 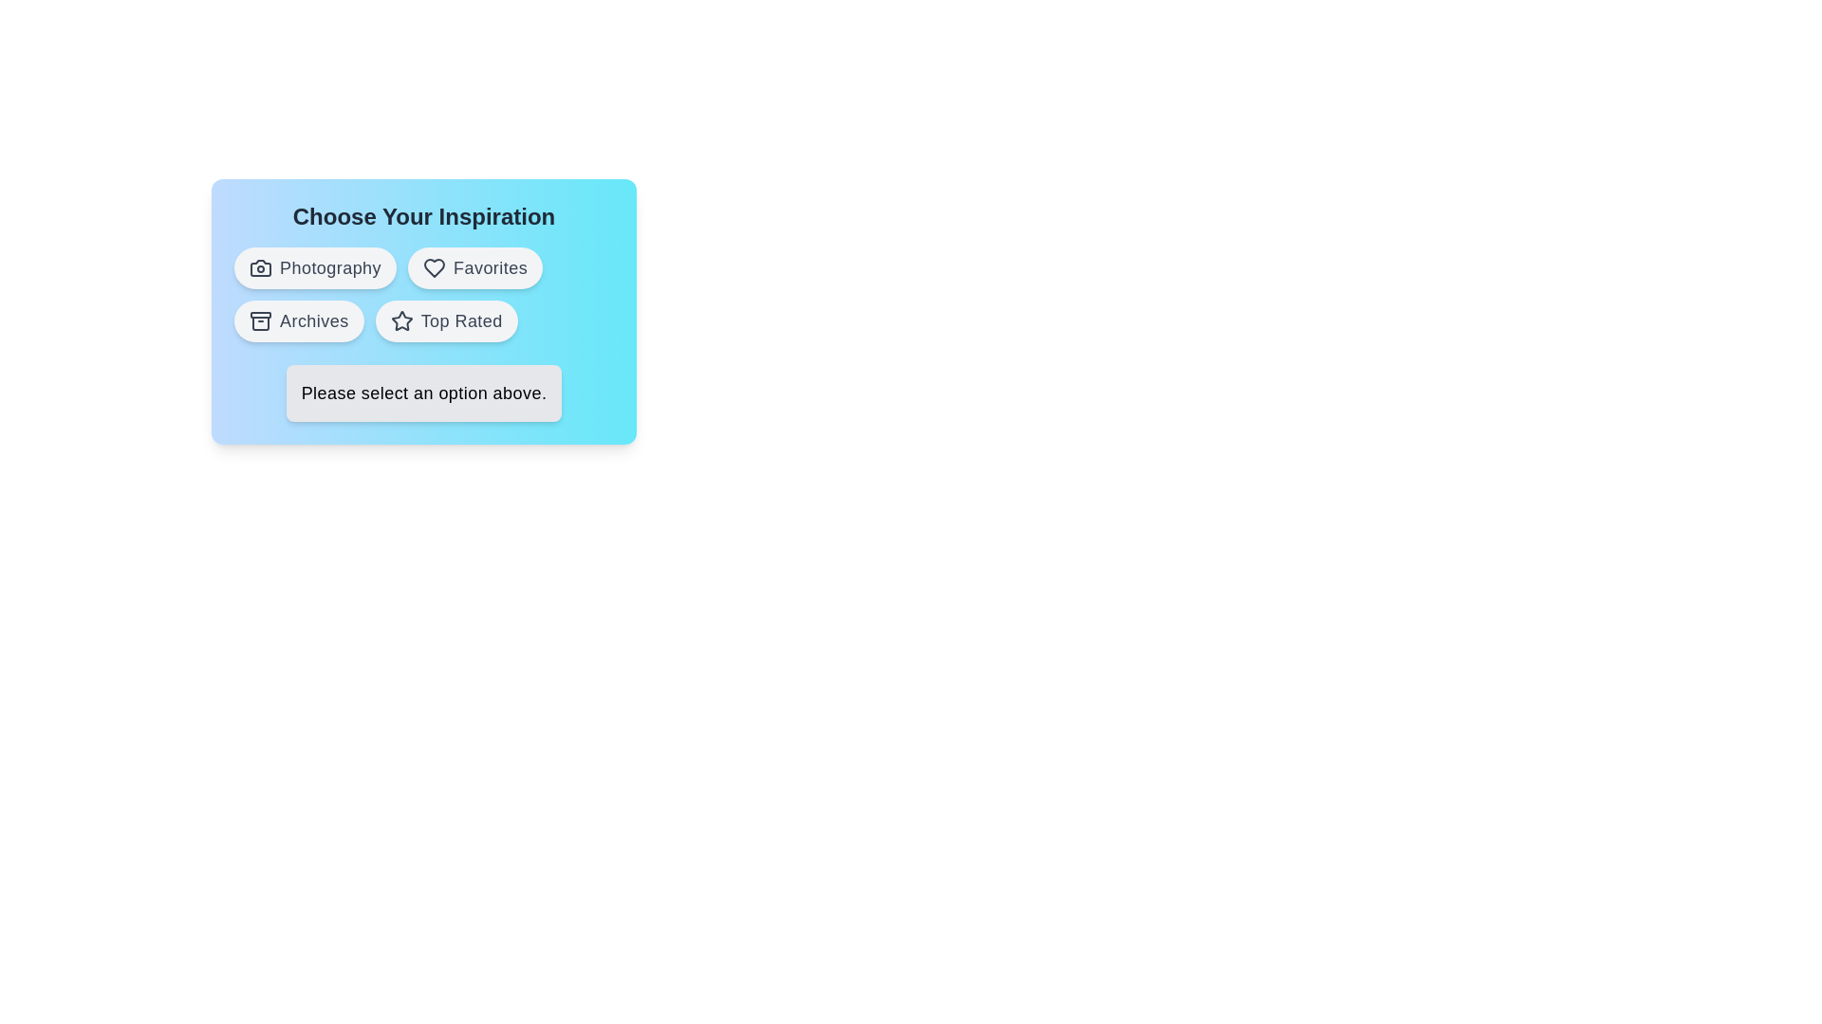 I want to click on the heart-shaped icon outlined with a dark stroke that is positioned to the left of the text 'Favorites' in the selection panel labeled 'Choose Your Inspiration', so click(x=434, y=267).